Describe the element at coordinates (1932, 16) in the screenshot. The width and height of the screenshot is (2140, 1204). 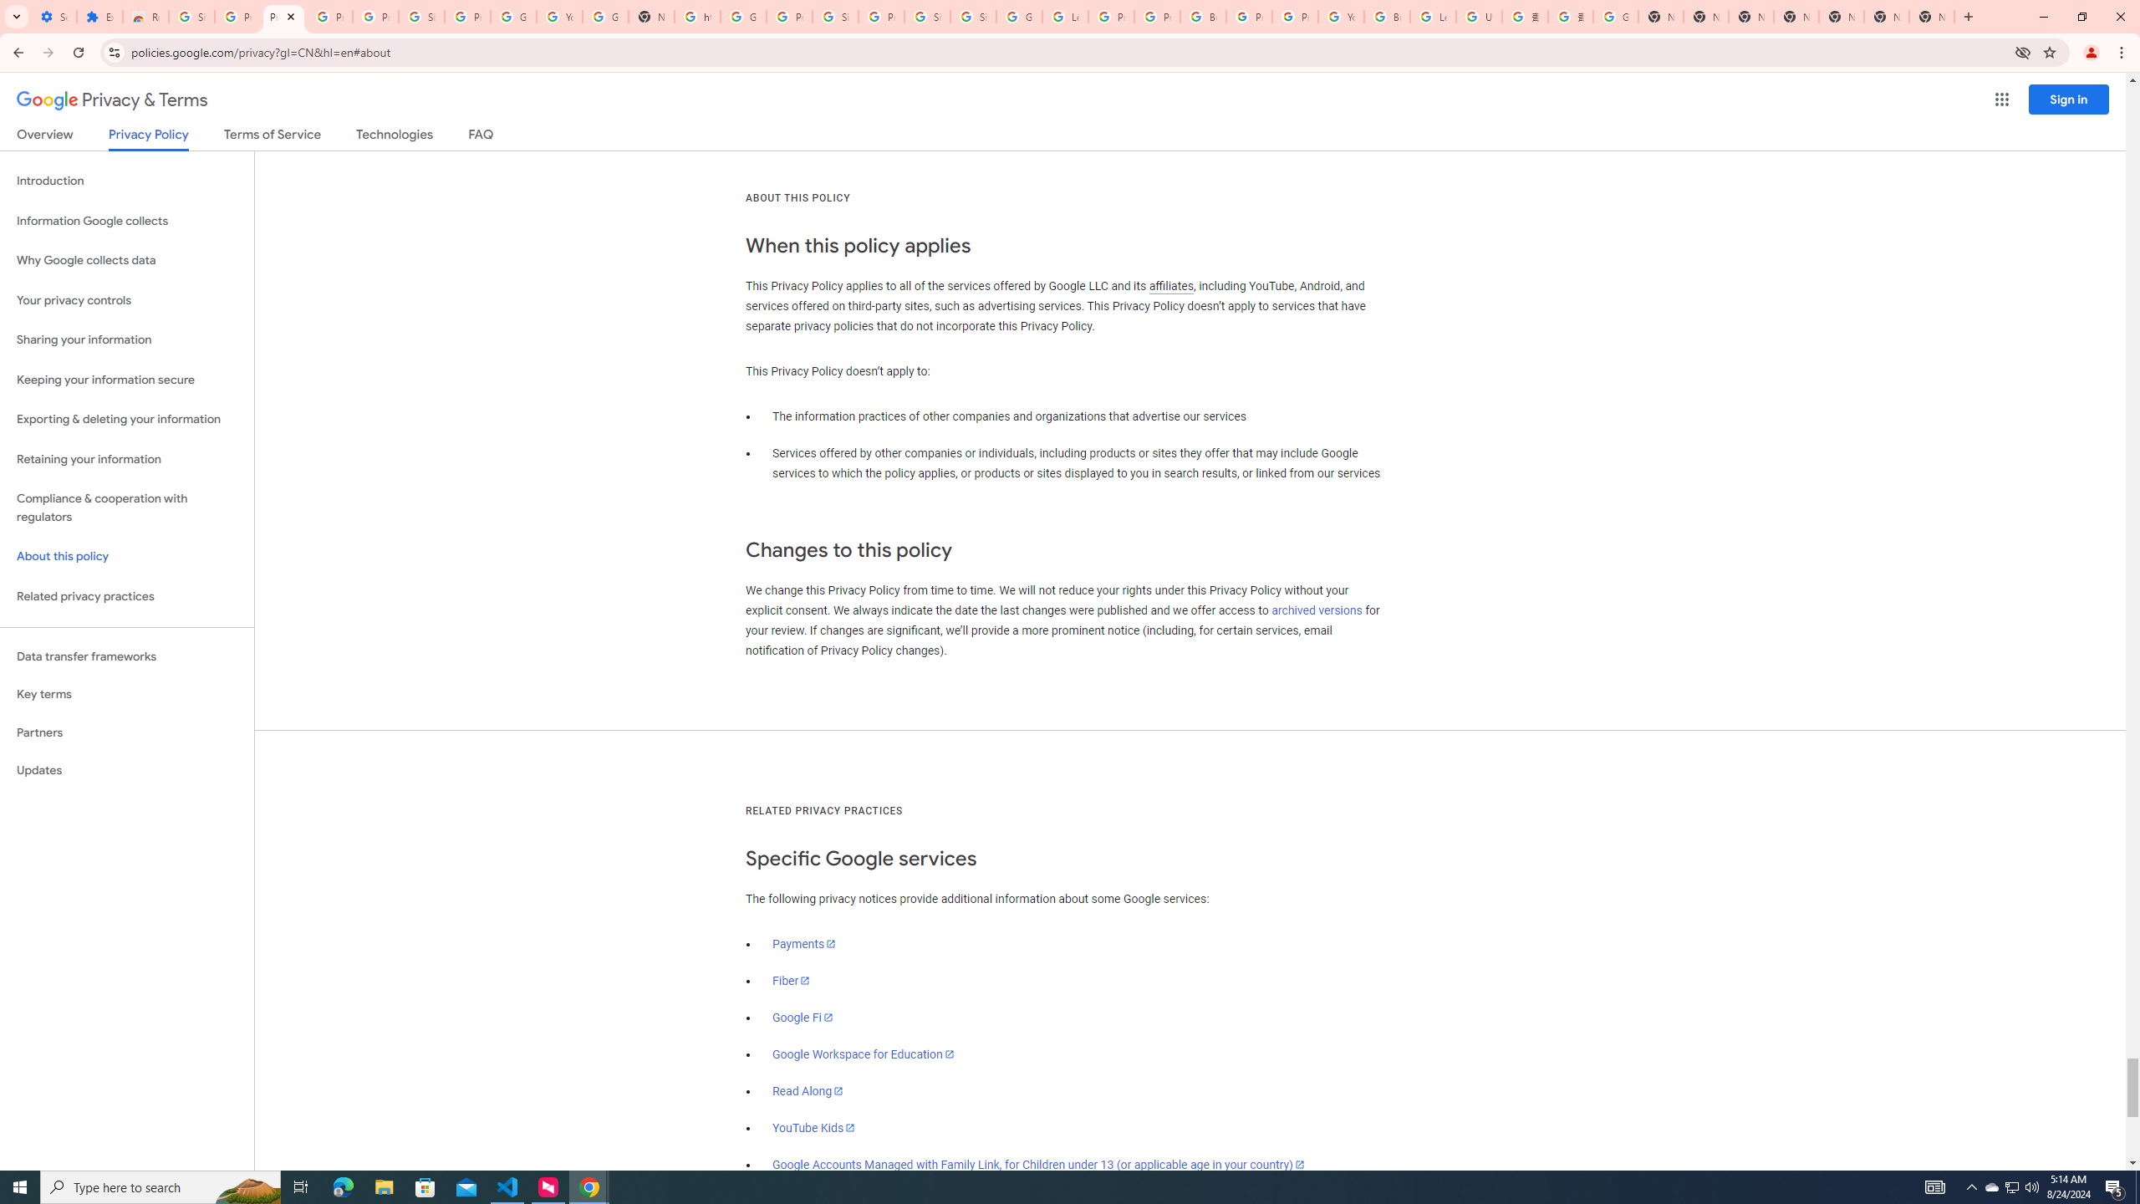
I see `'New Tab'` at that location.